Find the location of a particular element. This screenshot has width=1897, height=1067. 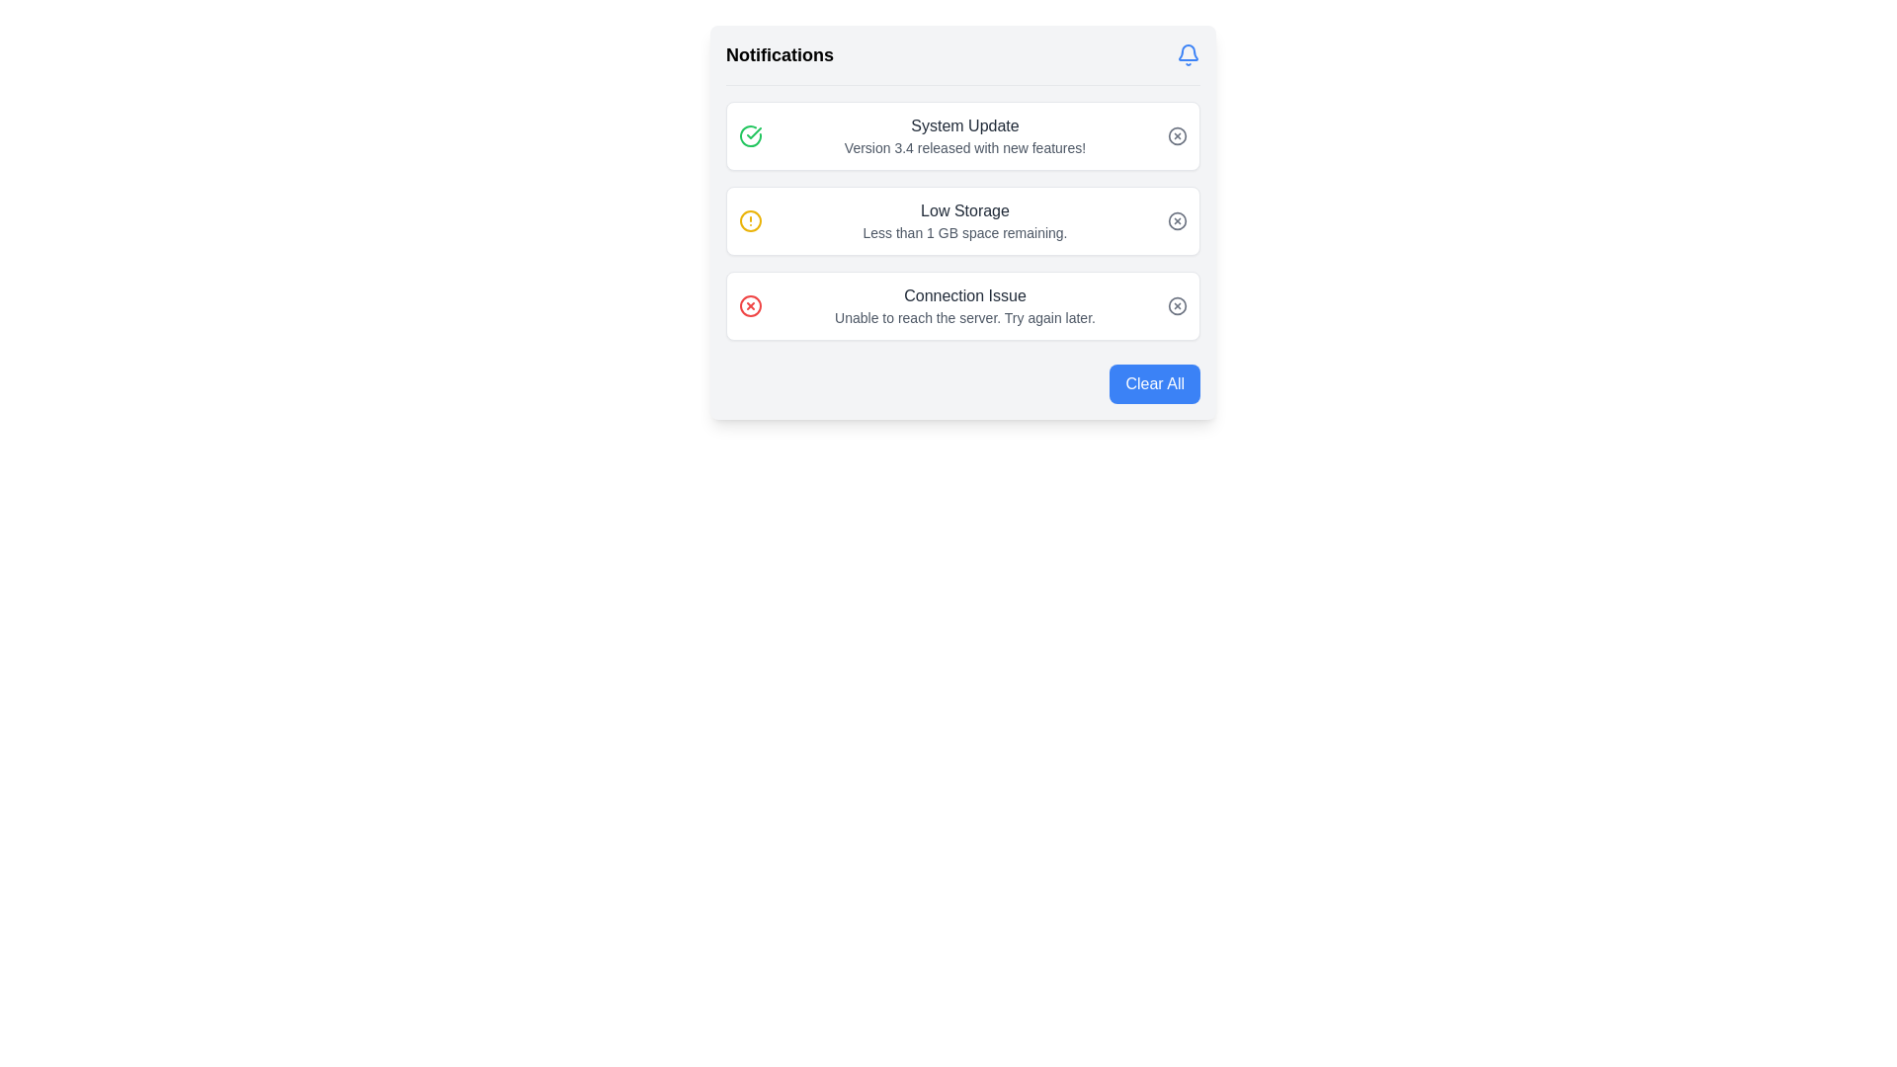

the associated notification by clicking on the icon that signifies a completed system update for version 3.4, which is positioned at the leftmost side of the notification item is located at coordinates (749, 135).